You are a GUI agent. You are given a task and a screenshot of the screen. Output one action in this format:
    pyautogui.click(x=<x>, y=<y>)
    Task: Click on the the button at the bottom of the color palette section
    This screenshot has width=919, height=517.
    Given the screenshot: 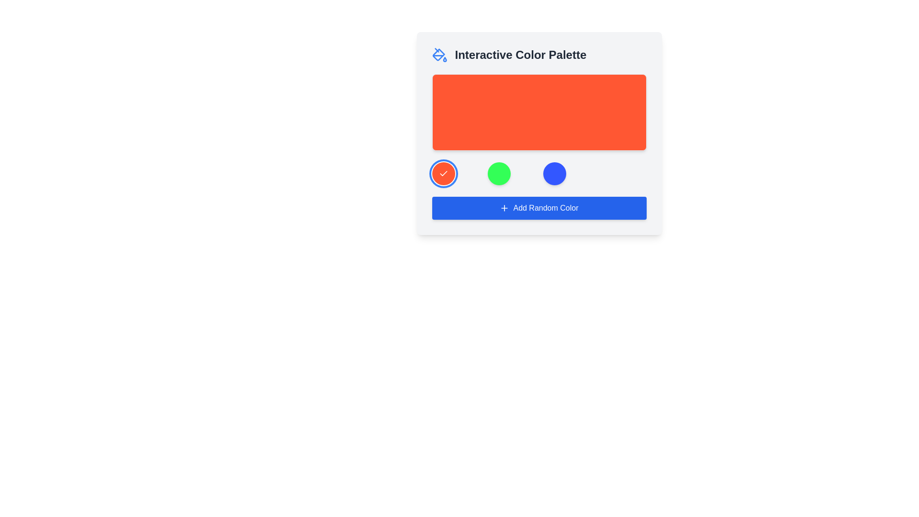 What is the action you would take?
    pyautogui.click(x=539, y=208)
    